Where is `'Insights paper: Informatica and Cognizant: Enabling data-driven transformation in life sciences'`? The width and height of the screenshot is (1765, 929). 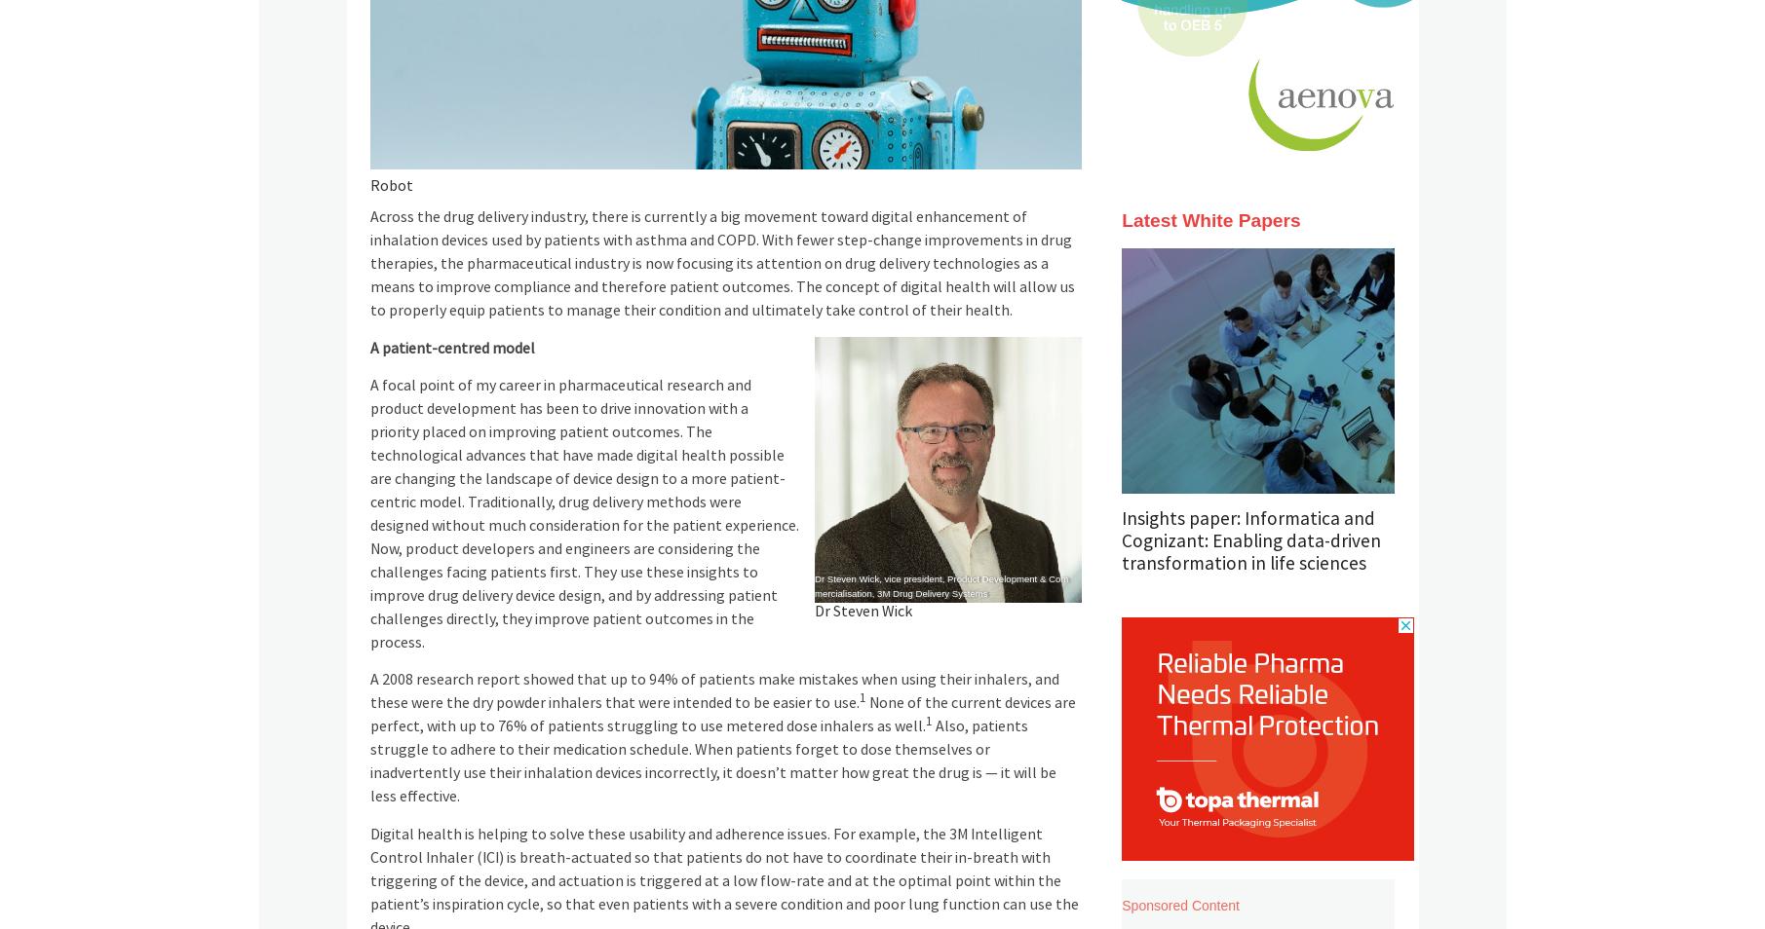
'Insights paper: Informatica and Cognizant: Enabling data-driven transformation in life sciences' is located at coordinates (1121, 539).